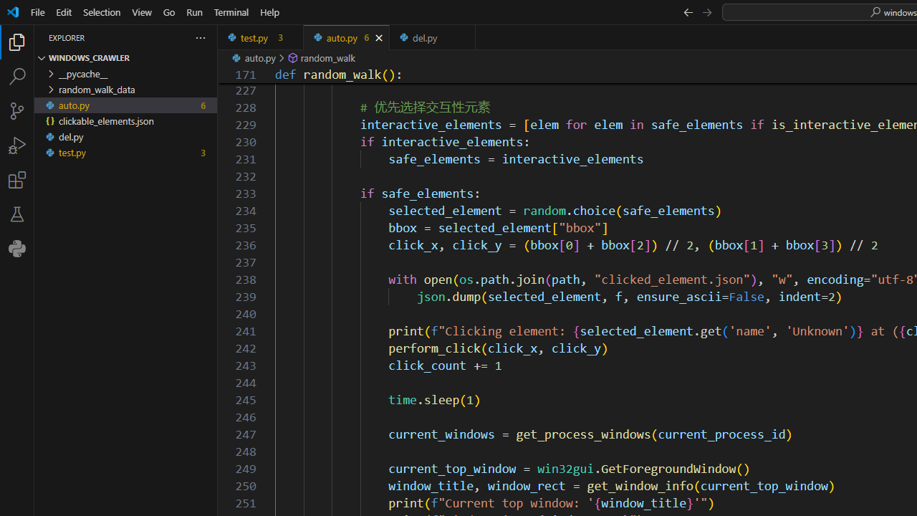 The width and height of the screenshot is (917, 516). I want to click on 'Run and Debug (Ctrl+Shift+D)', so click(17, 145).